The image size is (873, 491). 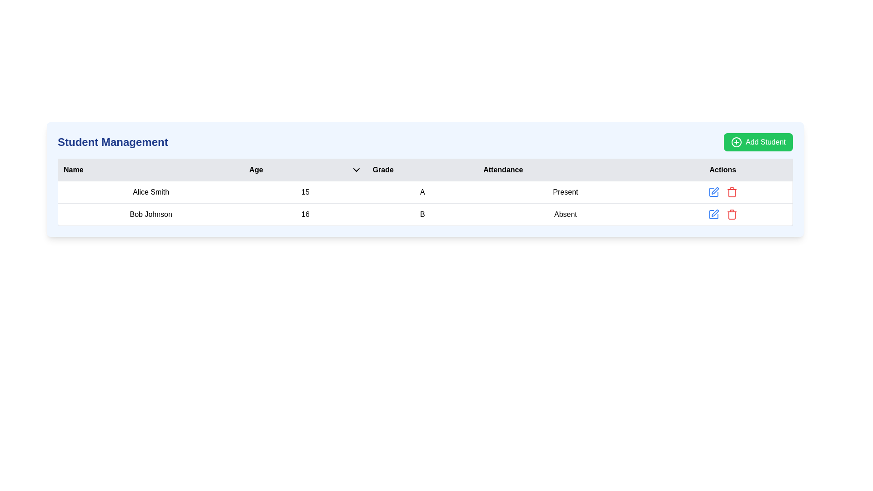 I want to click on the graphical icon representing the functionality of adding a new student, located at the center of the 'Add Student' button on the top right corner of the interface, so click(x=736, y=142).